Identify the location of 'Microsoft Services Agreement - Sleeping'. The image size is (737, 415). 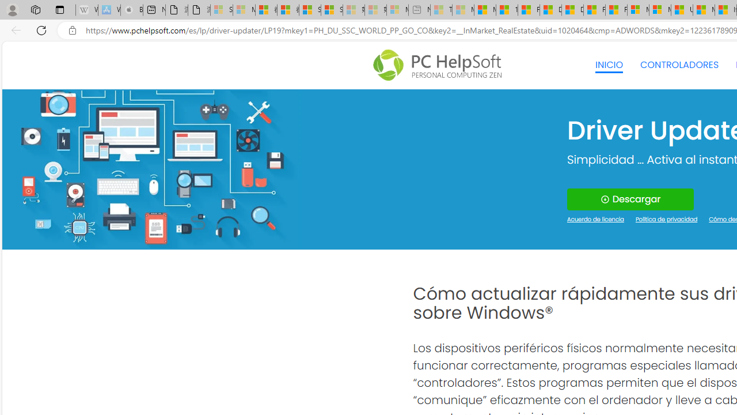
(243, 10).